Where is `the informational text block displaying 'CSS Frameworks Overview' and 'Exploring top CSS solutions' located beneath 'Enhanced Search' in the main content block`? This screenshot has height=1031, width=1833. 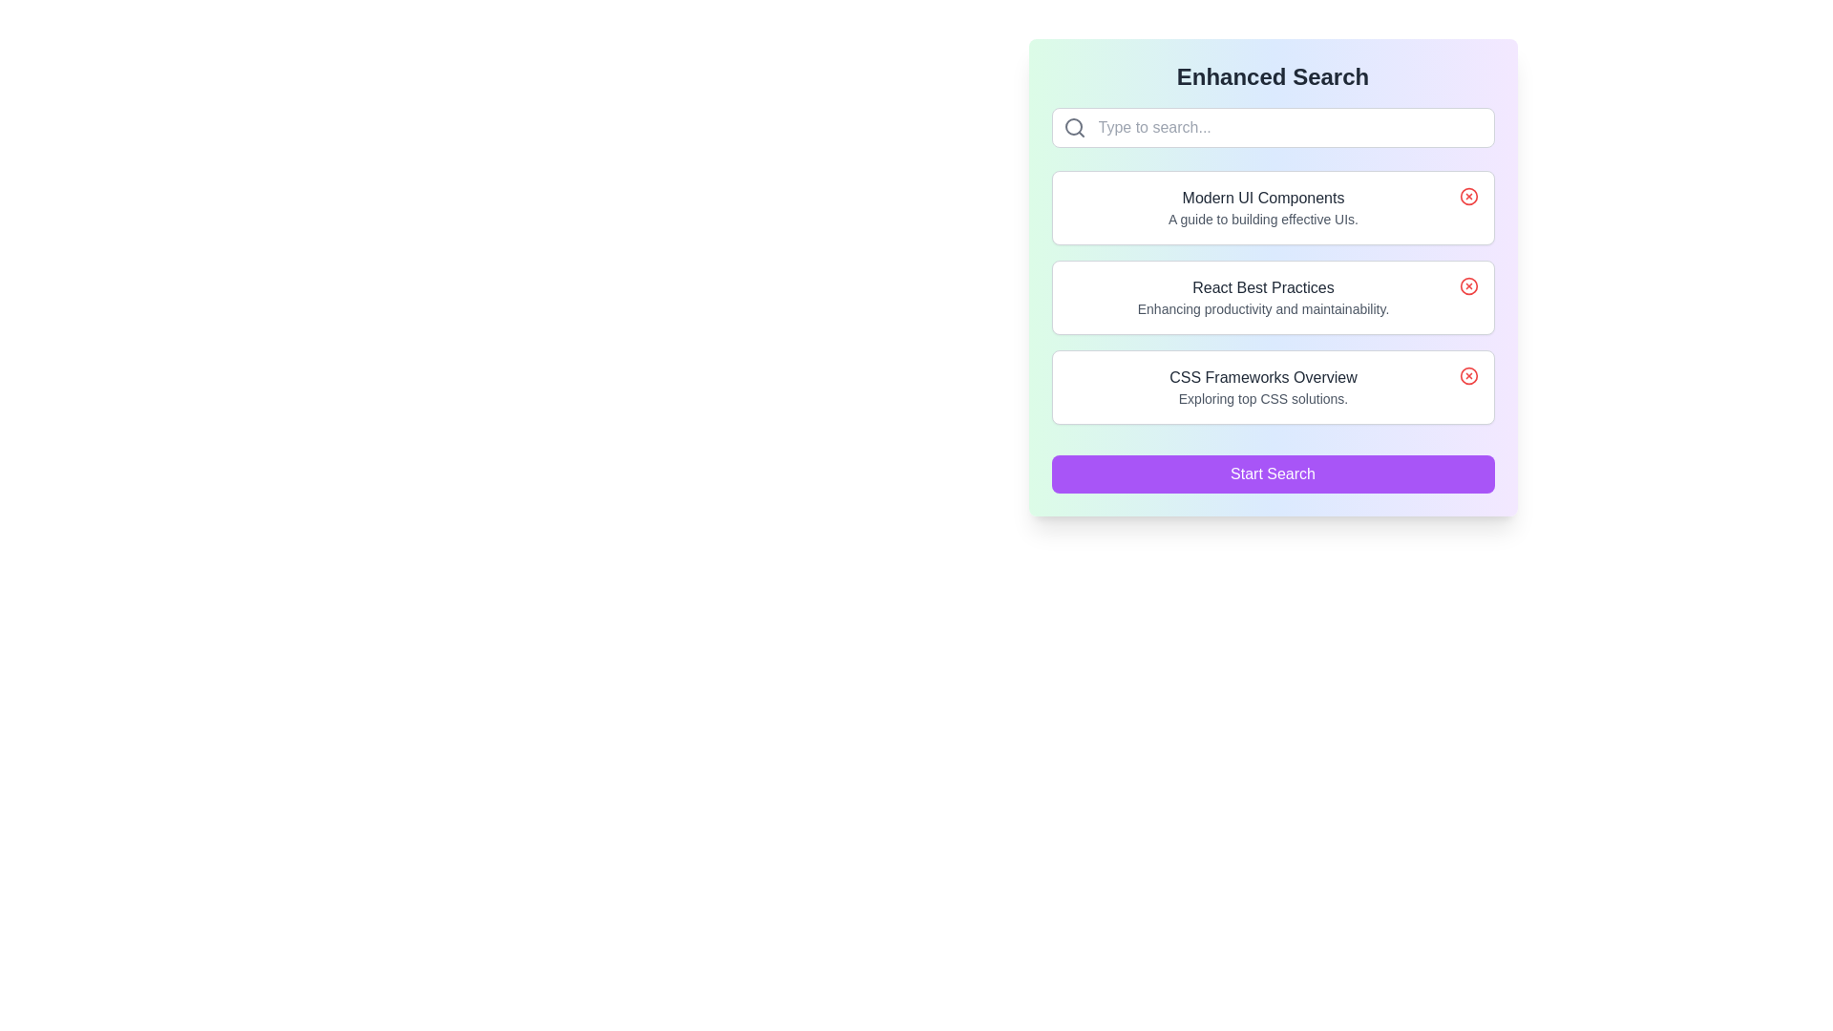
the informational text block displaying 'CSS Frameworks Overview' and 'Exploring top CSS solutions' located beneath 'Enhanced Search' in the main content block is located at coordinates (1263, 387).